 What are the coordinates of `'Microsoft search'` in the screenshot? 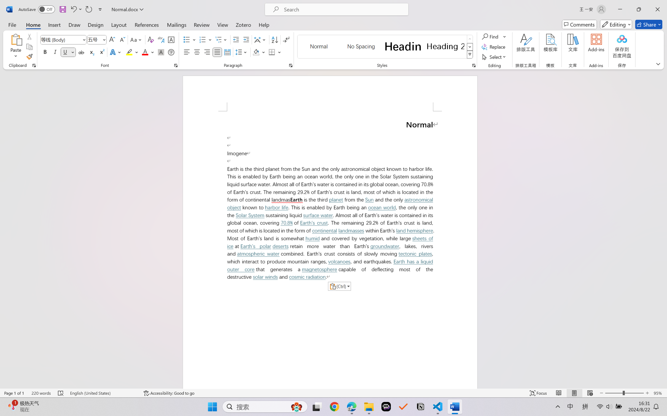 It's located at (343, 9).